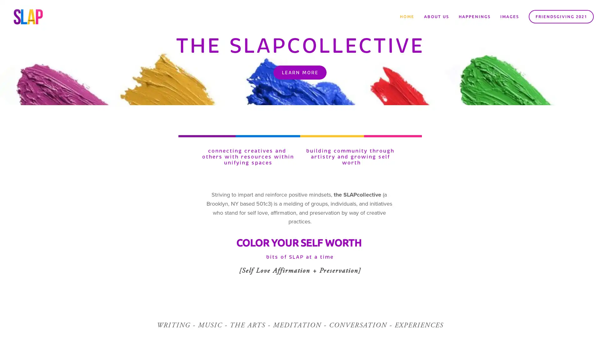  I want to click on get mo' SLAP!, so click(339, 185).